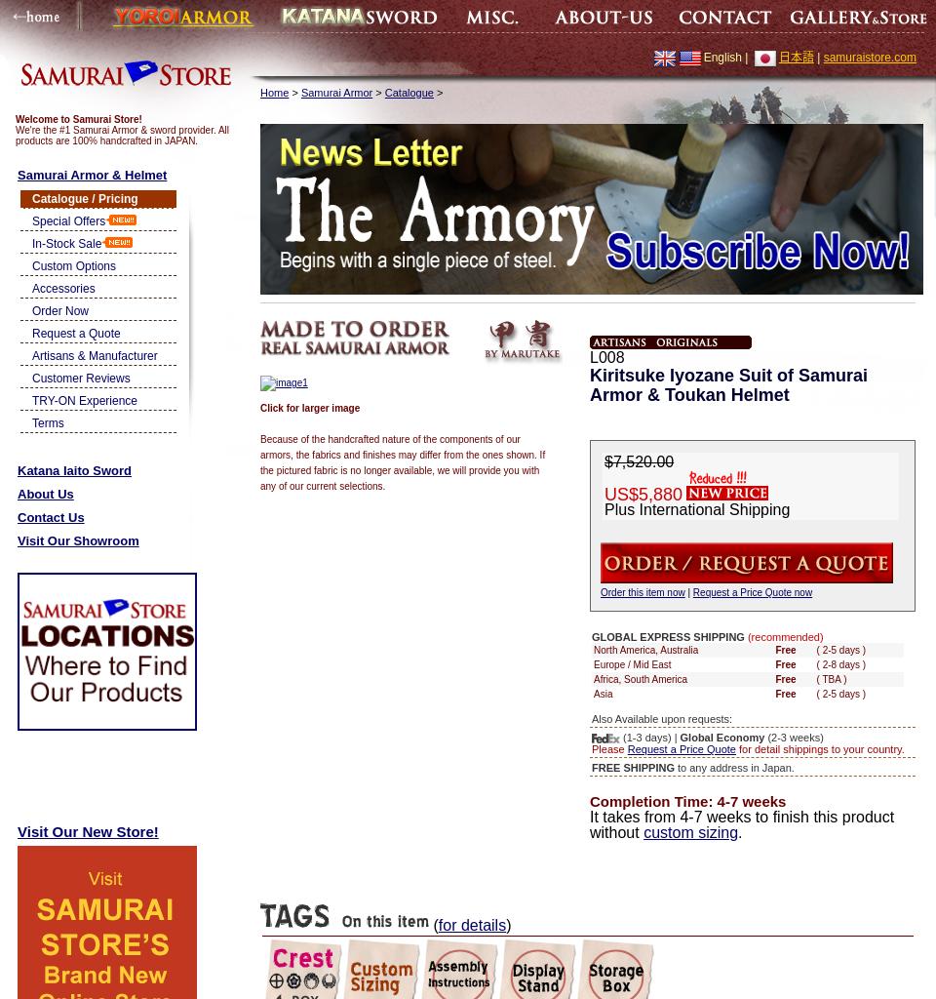 This screenshot has height=999, width=936. I want to click on '.', so click(738, 831).